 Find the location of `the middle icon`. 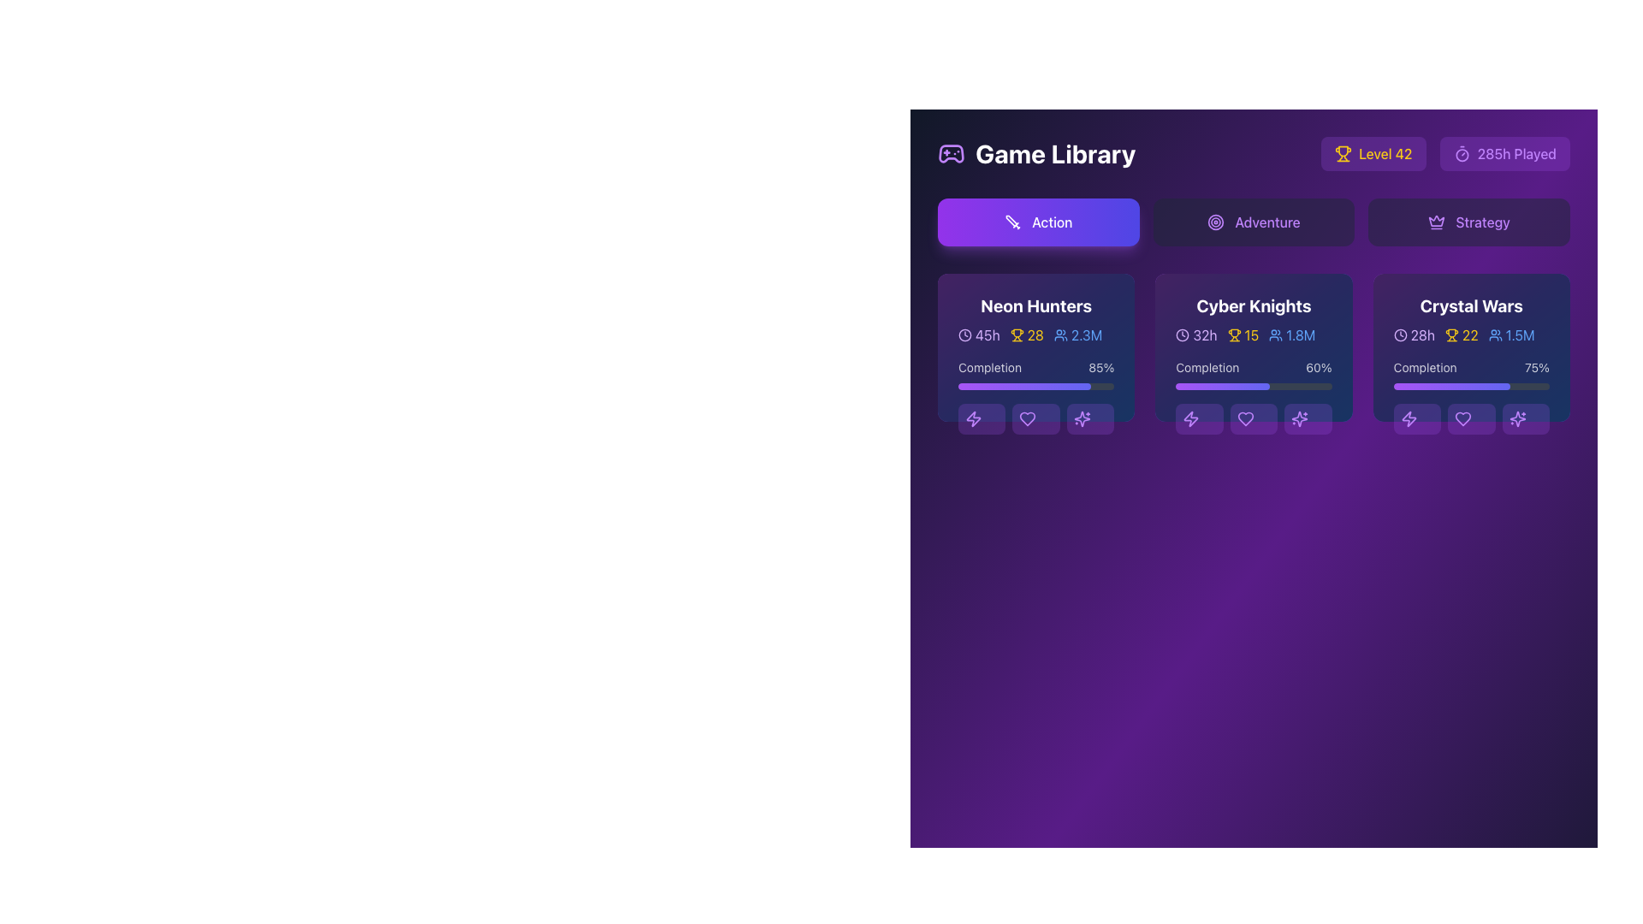

the middle icon is located at coordinates (1245, 418).